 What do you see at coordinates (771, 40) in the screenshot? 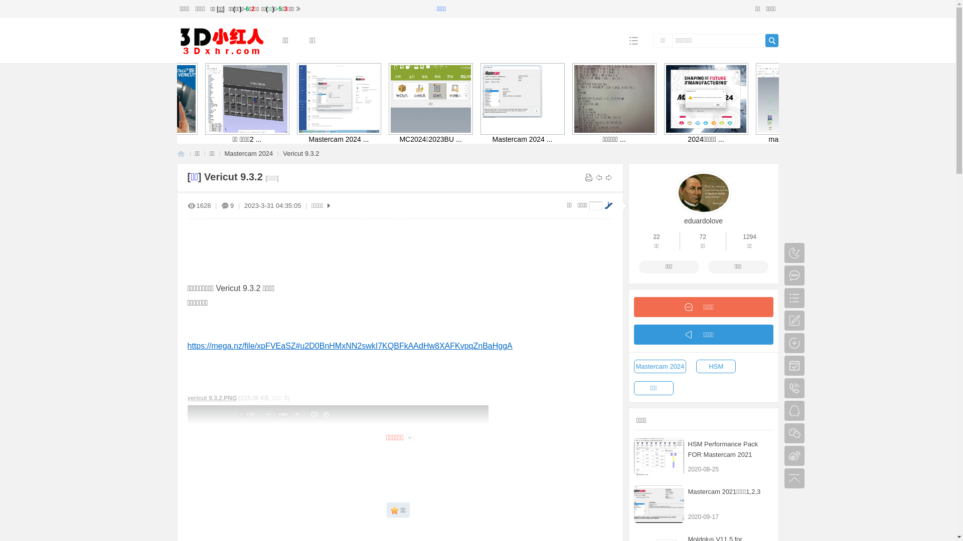
I see `'true'` at bounding box center [771, 40].